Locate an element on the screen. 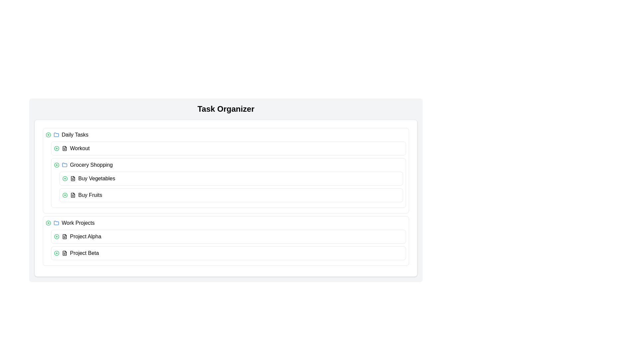 This screenshot has height=358, width=637. the 'Workout' task list item located at the top of the 'Daily Tasks' section is located at coordinates (229, 148).